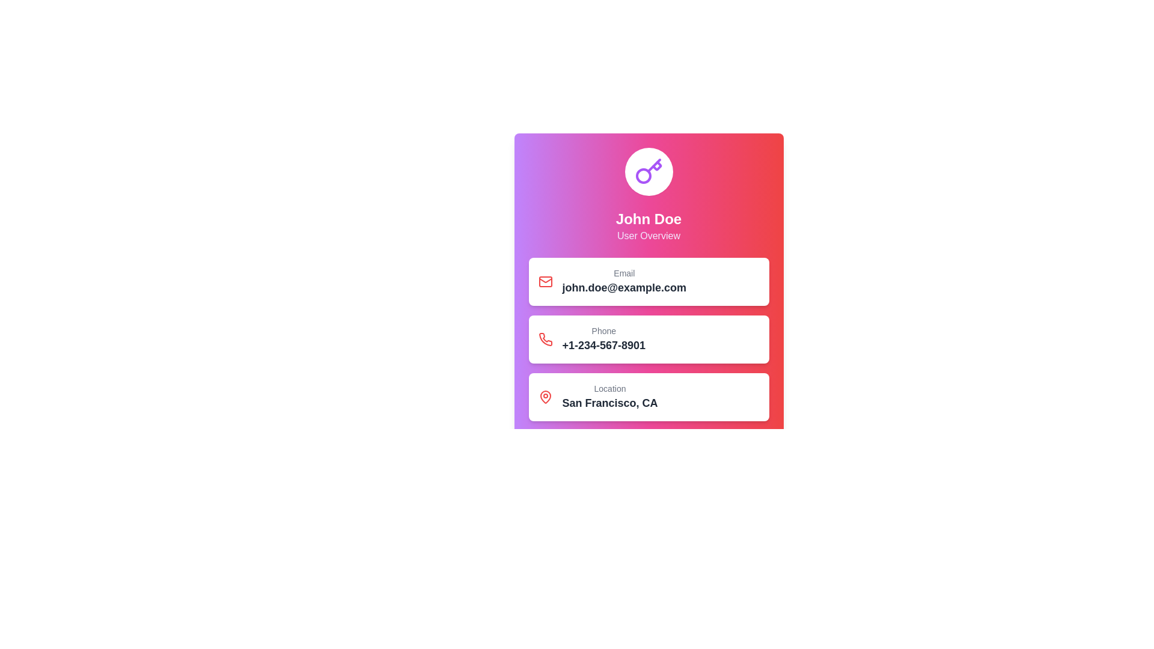  I want to click on the Text display component that shows the label 'Phone' and the phone number '+1-234-567-8901', which is located between the 'Email' and 'Location' sections, so click(603, 339).